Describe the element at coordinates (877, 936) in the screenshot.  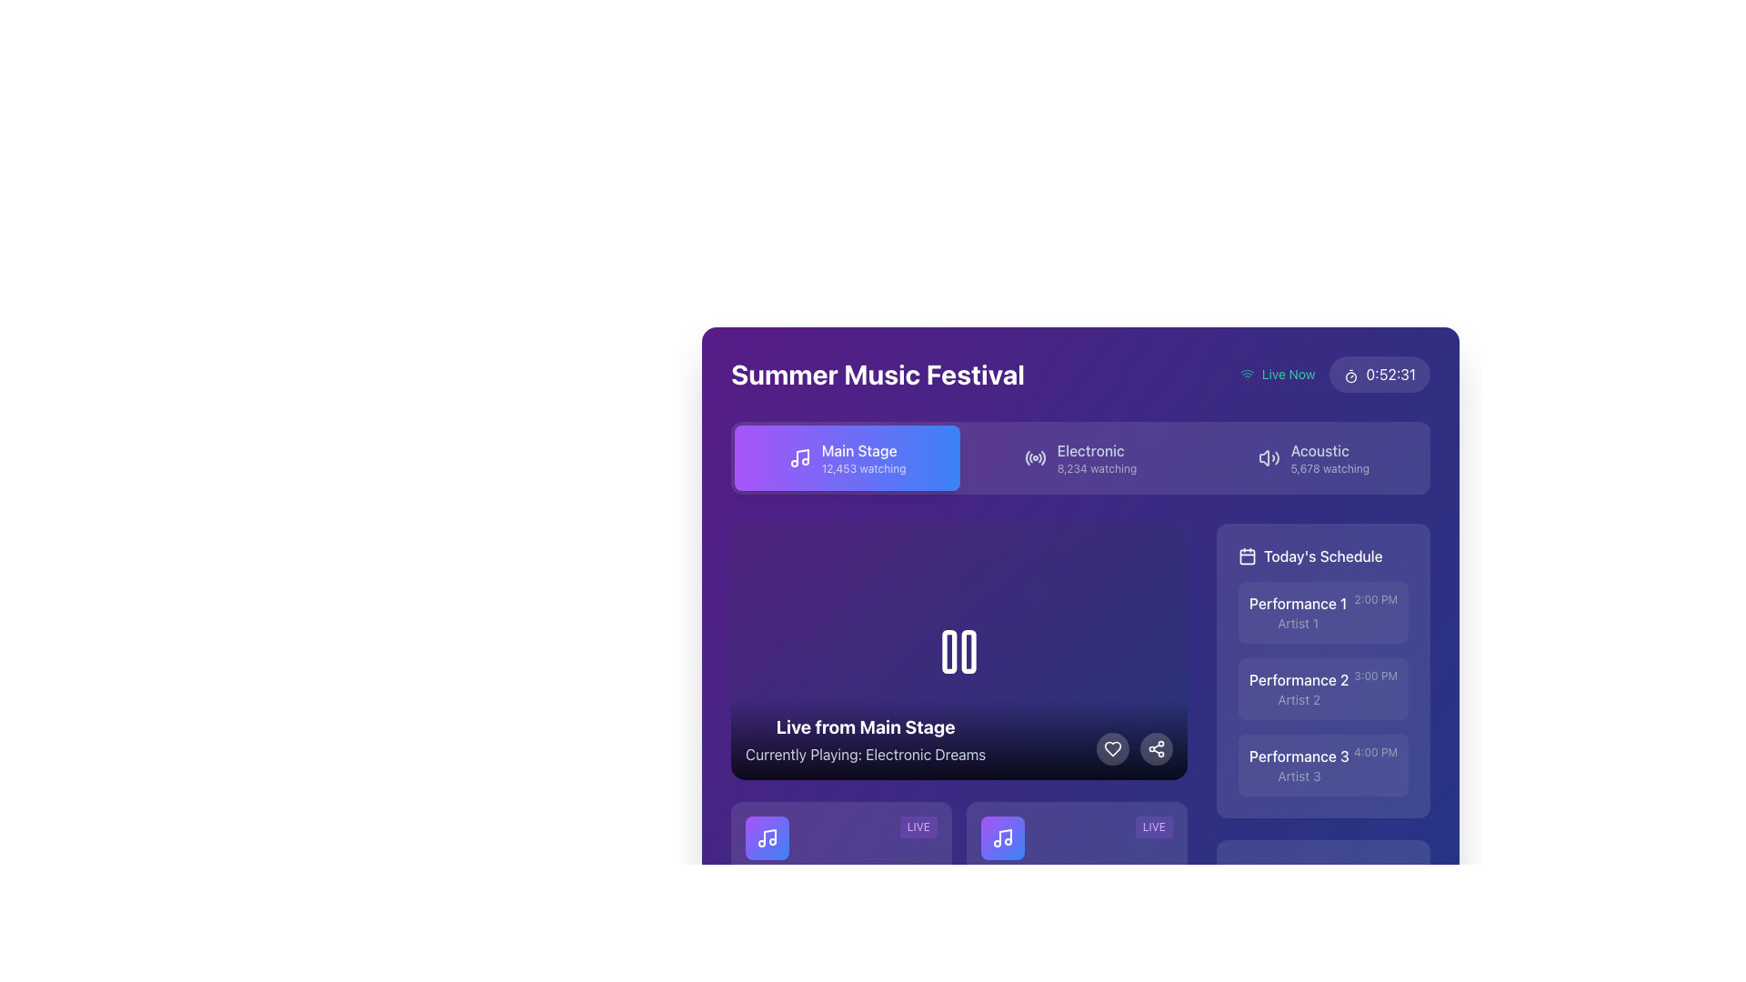
I see `the clock icon, which is a small circular icon with clock hands displayed in white against a darker background, located to the left of the '8:00 PM' text` at that location.